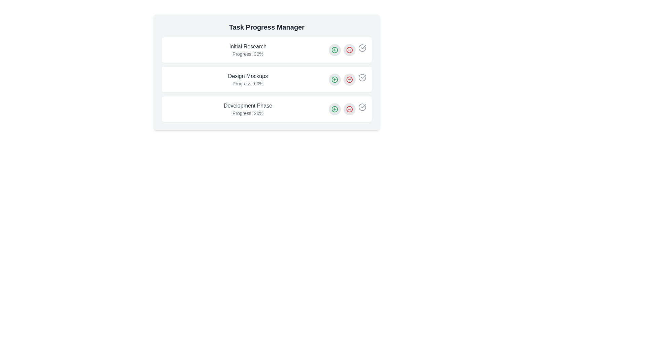  What do you see at coordinates (334, 79) in the screenshot?
I see `the circular button with a gray background and a plus icon inside, located on the right-hand side of the second row in the 'Design Mockups' list` at bounding box center [334, 79].